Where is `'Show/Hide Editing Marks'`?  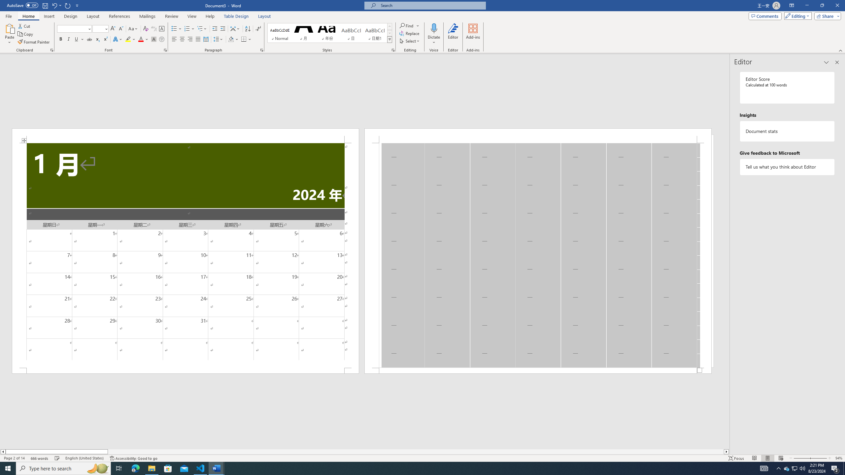
'Show/Hide Editing Marks' is located at coordinates (258, 29).